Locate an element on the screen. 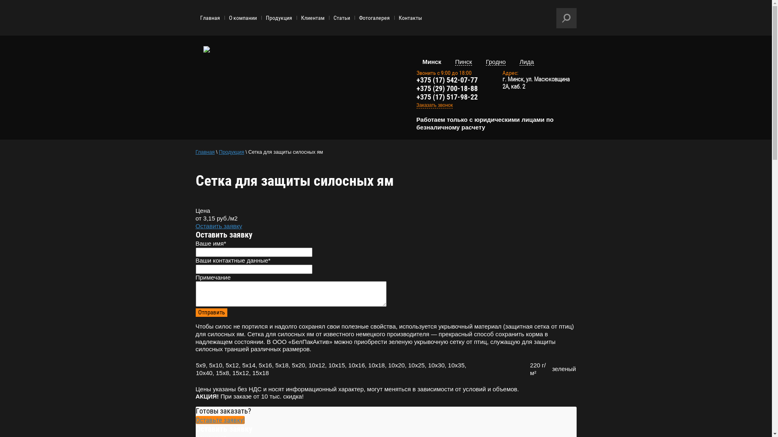 The image size is (778, 437). '+375 (17) 517-98-22' is located at coordinates (447, 96).